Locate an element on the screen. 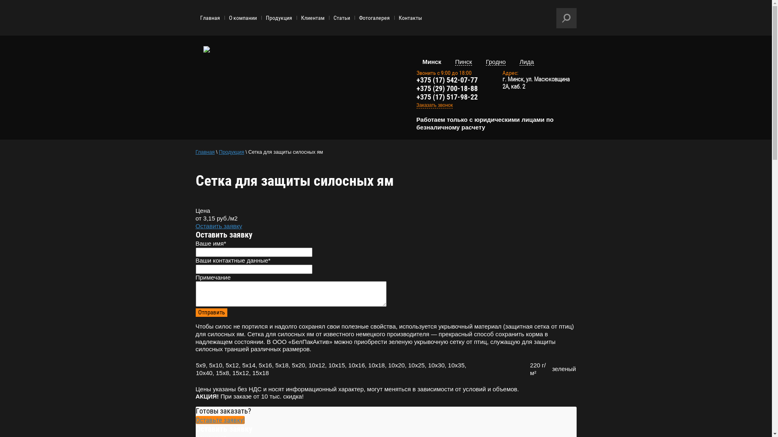 The image size is (778, 437). '+375 (17) 517-98-22' is located at coordinates (447, 96).